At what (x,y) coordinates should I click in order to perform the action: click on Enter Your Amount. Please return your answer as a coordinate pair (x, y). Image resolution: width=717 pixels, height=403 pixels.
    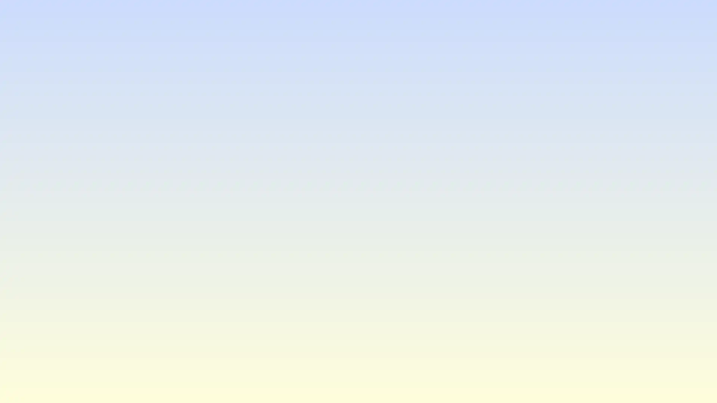
    Looking at the image, I should click on (358, 178).